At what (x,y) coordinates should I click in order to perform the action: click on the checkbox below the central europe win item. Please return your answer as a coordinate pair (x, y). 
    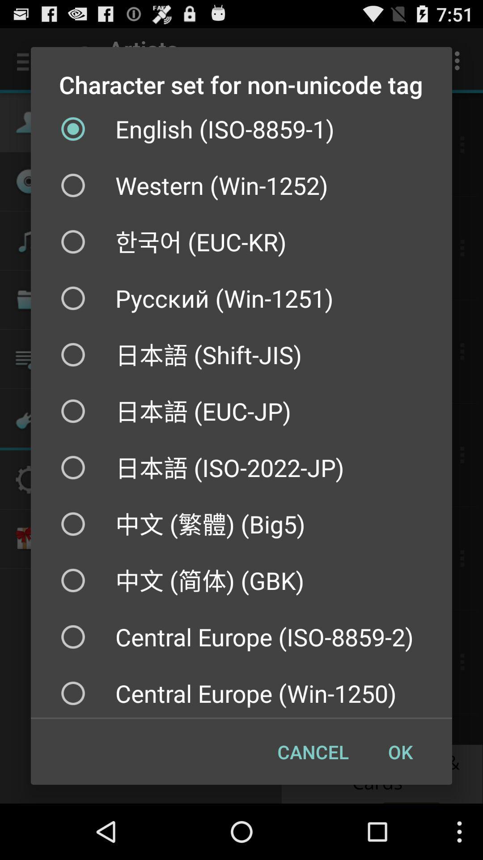
    Looking at the image, I should click on (400, 752).